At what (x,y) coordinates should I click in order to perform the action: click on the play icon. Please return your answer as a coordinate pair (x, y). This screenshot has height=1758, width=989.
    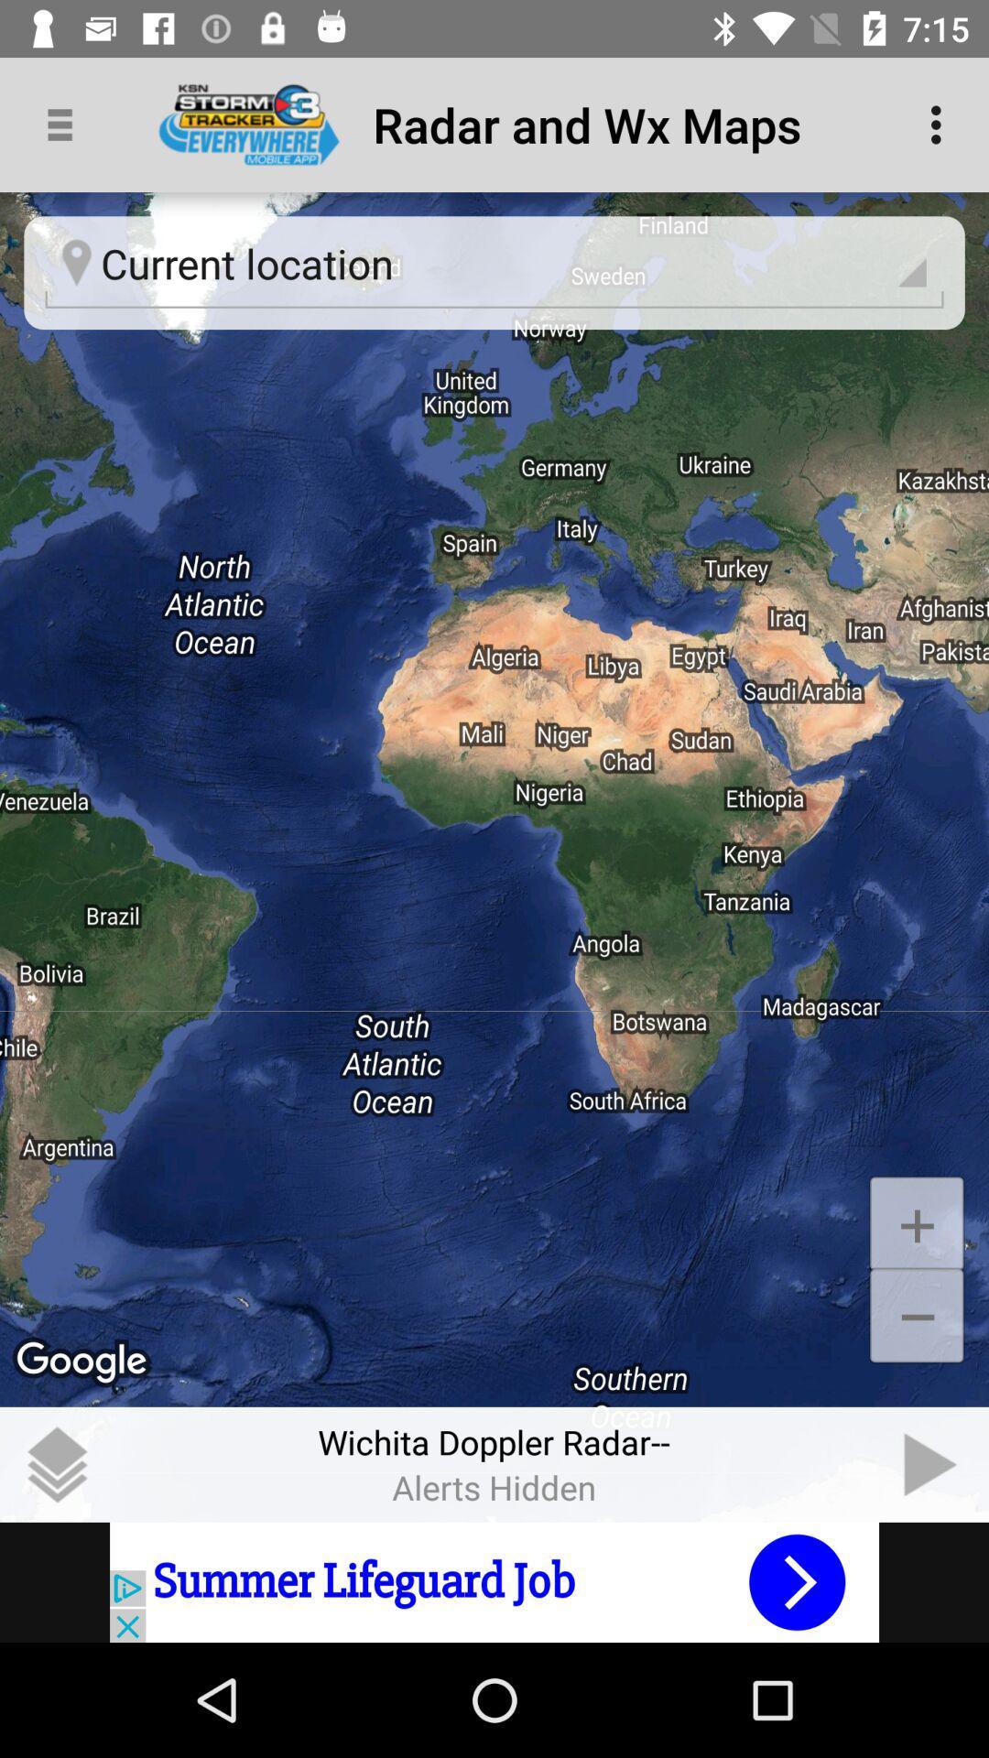
    Looking at the image, I should click on (931, 1463).